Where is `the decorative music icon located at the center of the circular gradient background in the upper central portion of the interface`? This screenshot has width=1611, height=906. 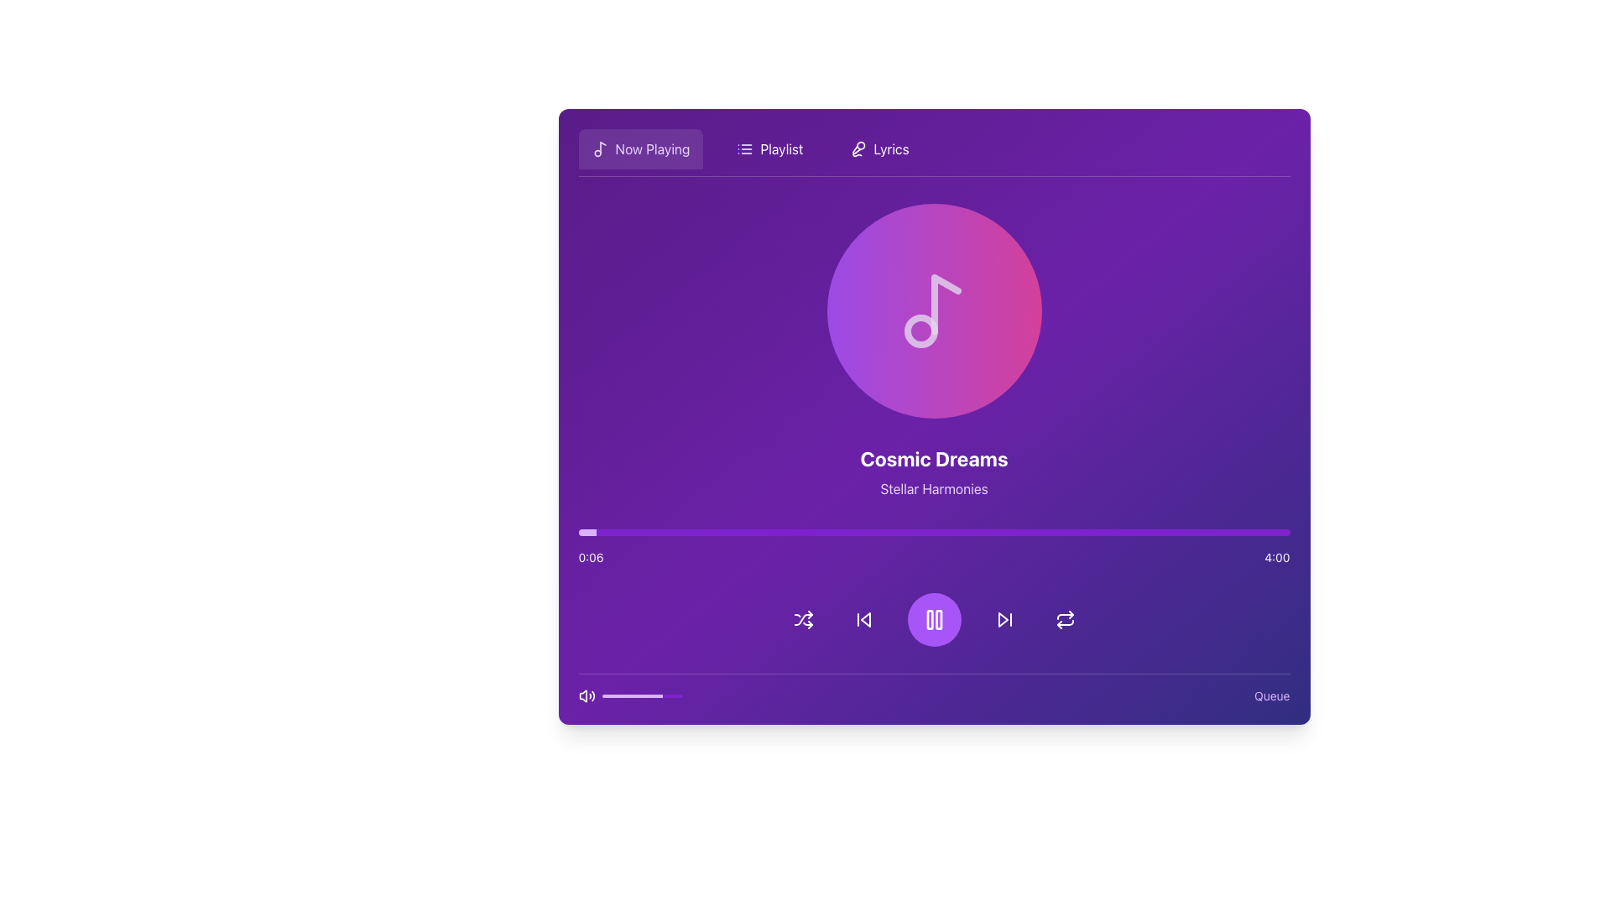
the decorative music icon located at the center of the circular gradient background in the upper central portion of the interface is located at coordinates (933, 310).